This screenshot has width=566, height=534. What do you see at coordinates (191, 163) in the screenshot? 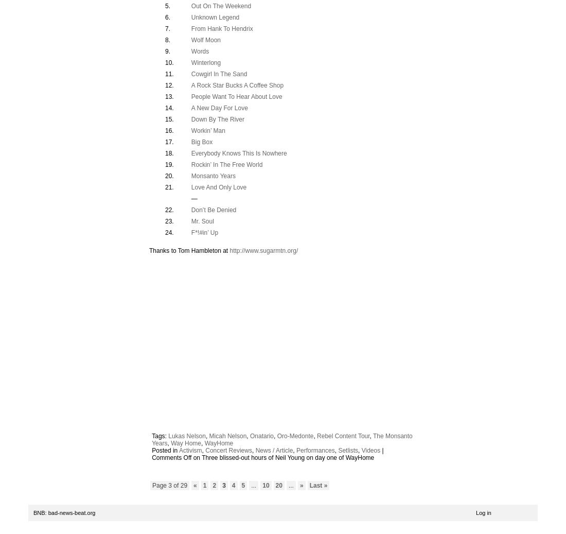
I see `'Rockin’ In The Free World'` at bounding box center [191, 163].